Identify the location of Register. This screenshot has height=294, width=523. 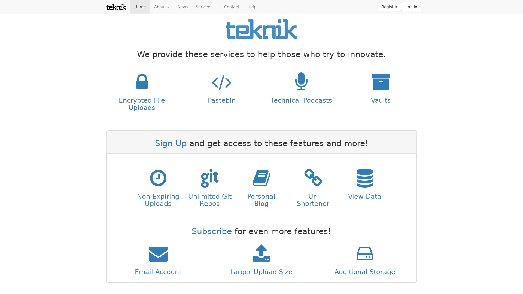
(389, 7).